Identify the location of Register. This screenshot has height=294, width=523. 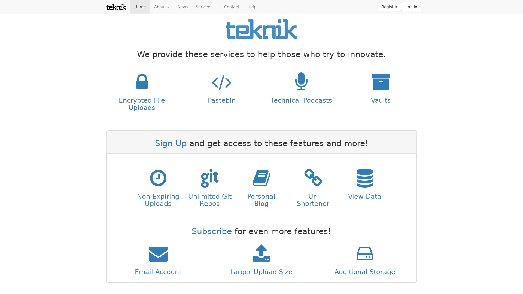
(389, 7).